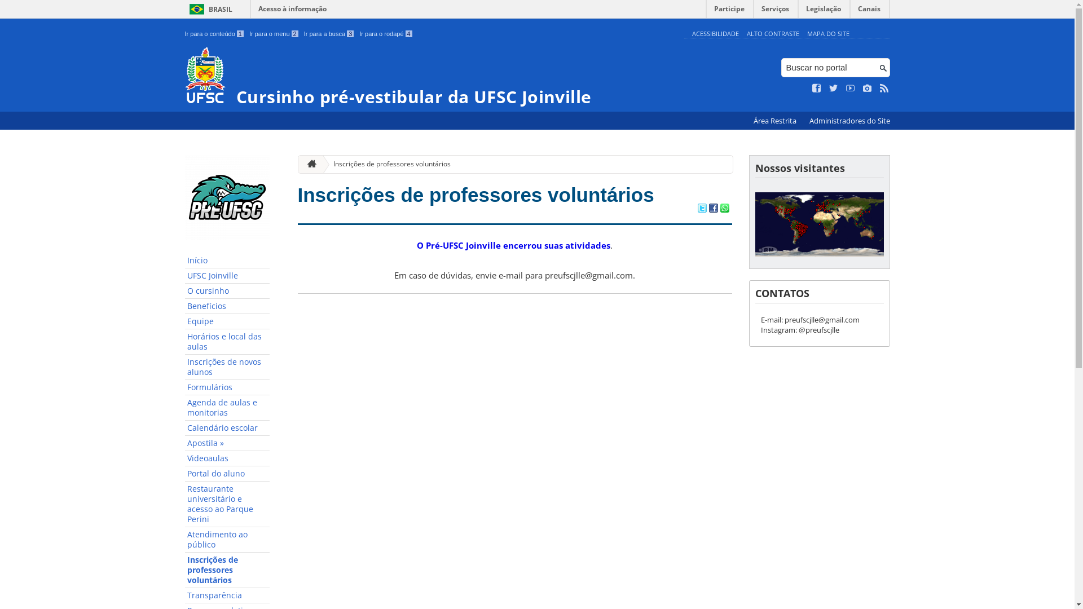 This screenshot has width=1083, height=609. Describe the element at coordinates (827, 33) in the screenshot. I see `'MAPA DO SITE'` at that location.